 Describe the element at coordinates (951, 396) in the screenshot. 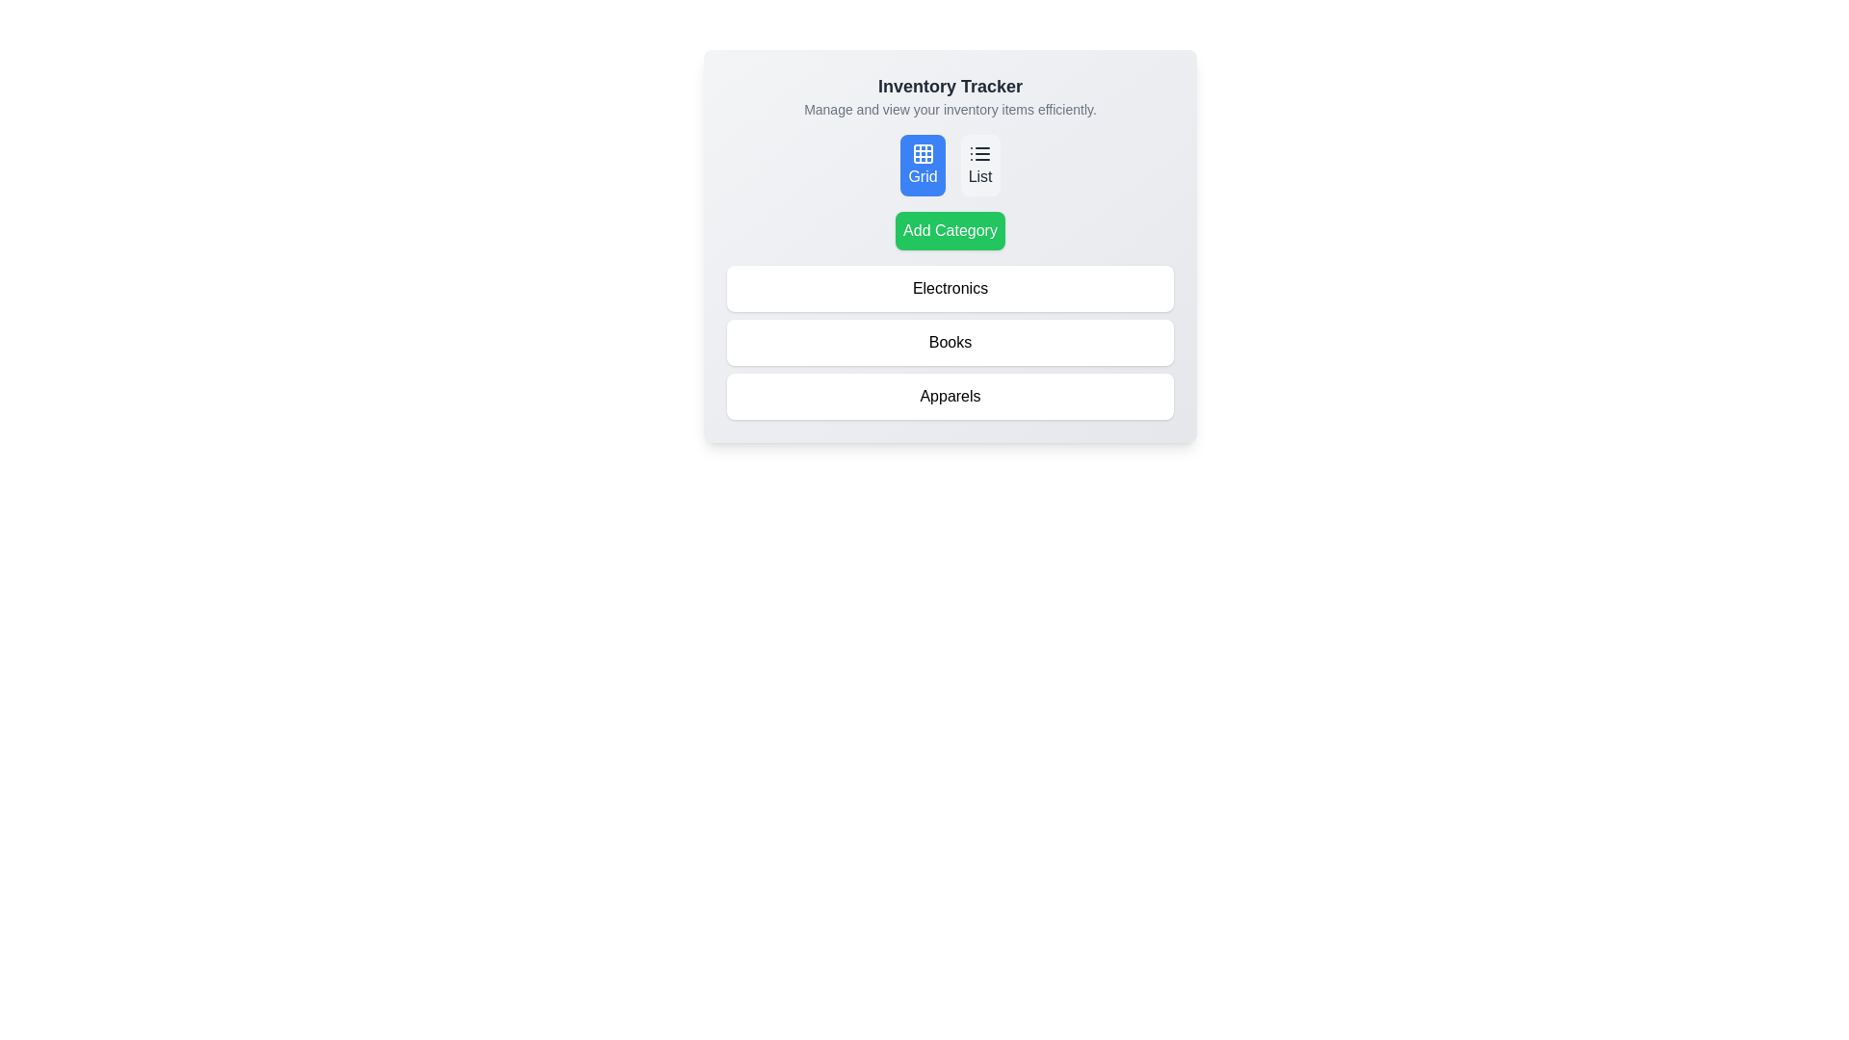

I see `the 'Apparels' label, which indicates a category section in the application interface and is the third item in a vertical stack of similar elements` at that location.